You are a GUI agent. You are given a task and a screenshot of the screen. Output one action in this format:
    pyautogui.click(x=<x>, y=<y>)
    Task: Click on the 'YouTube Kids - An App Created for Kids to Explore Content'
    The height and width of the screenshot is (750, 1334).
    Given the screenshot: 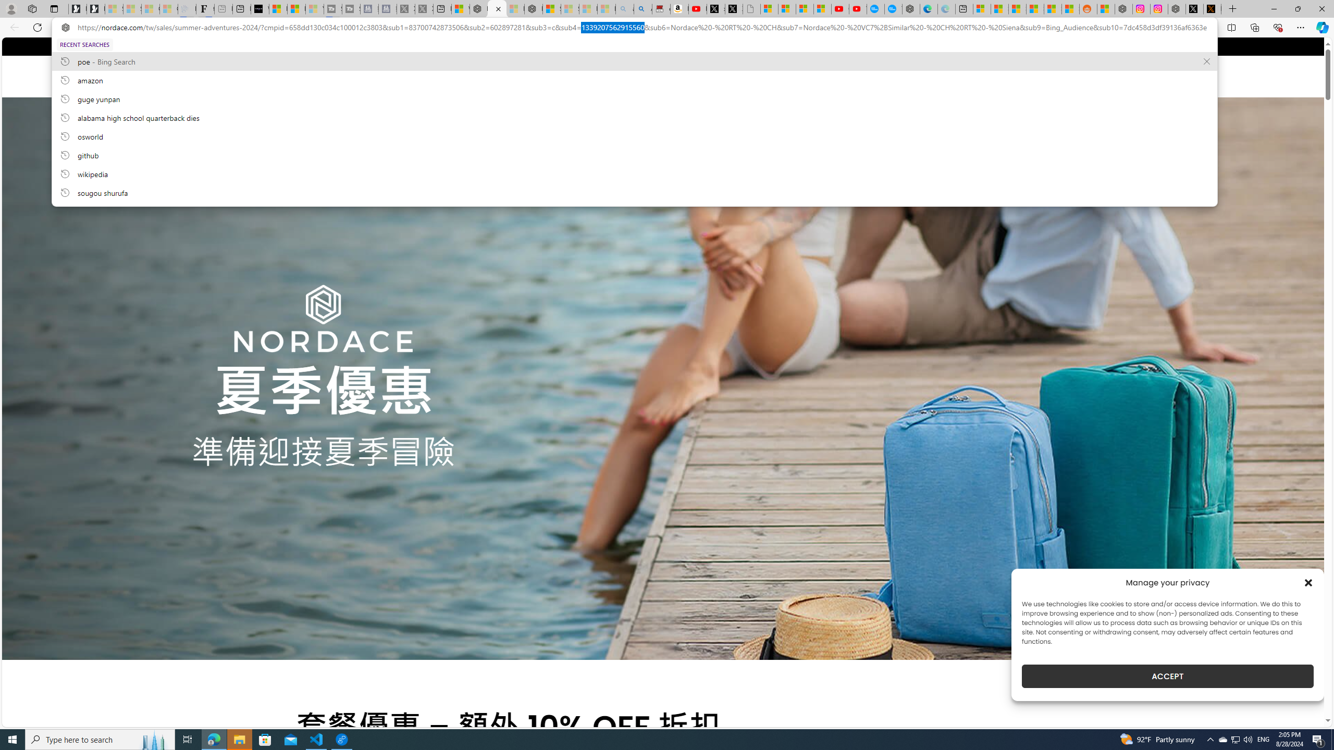 What is the action you would take?
    pyautogui.click(x=858, y=8)
    